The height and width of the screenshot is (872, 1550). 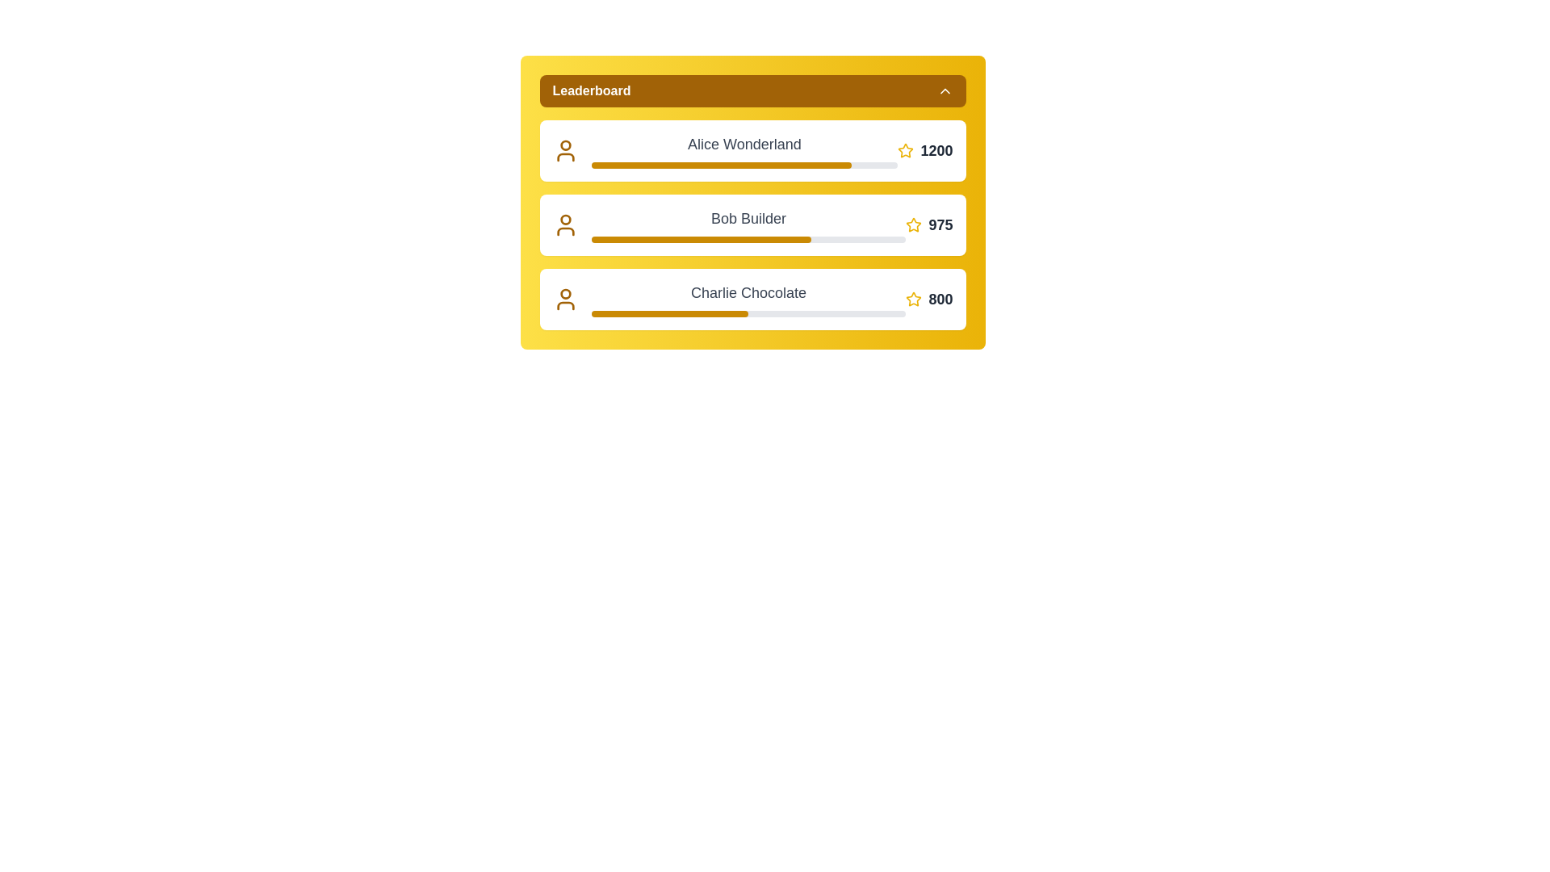 I want to click on the first Leaderboard Card Item located at the top of the leaderboard list, so click(x=752, y=150).